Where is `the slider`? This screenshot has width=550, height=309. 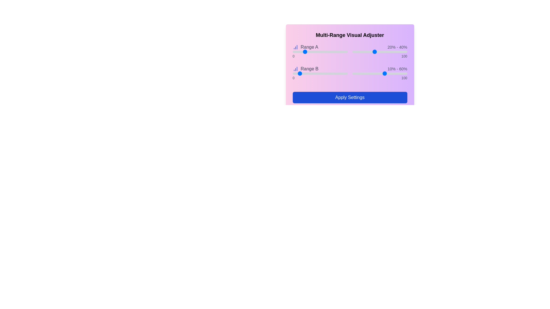
the slider is located at coordinates (366, 52).